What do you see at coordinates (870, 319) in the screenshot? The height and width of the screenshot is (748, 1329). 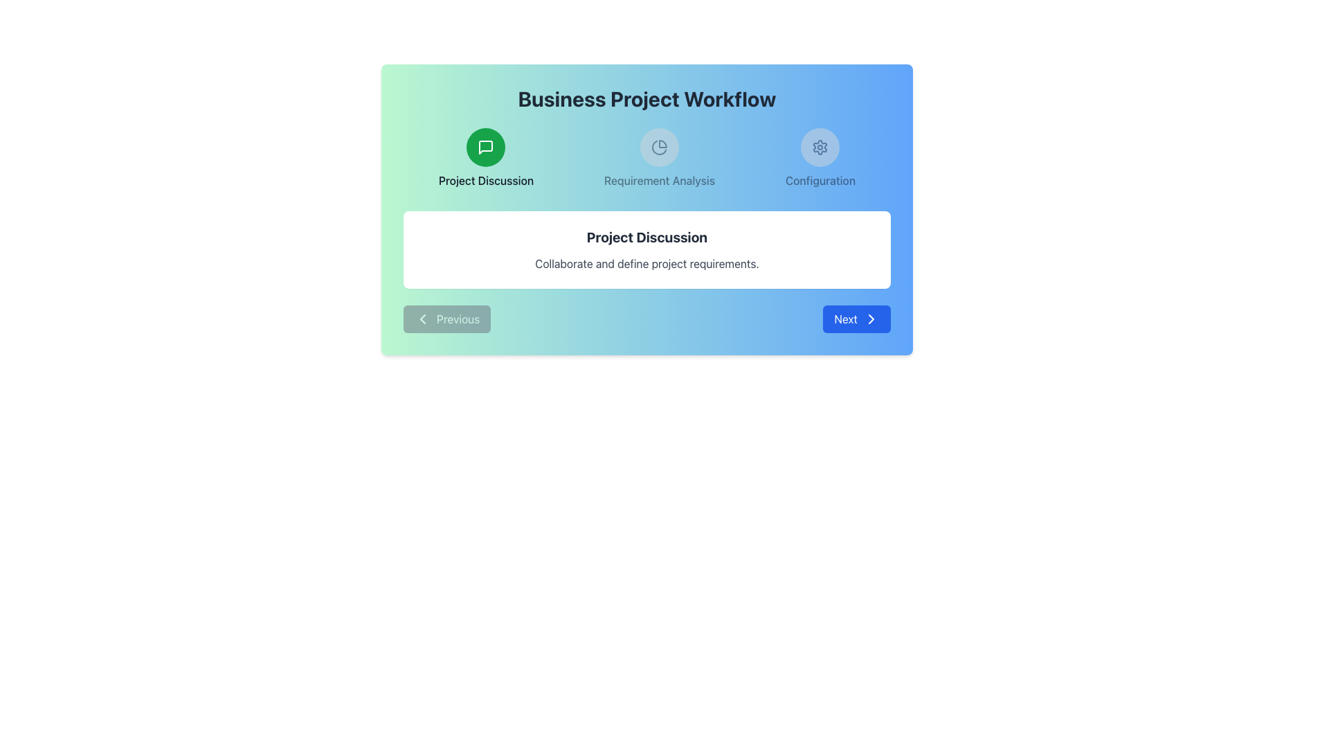 I see `the right-facing chevron icon` at bounding box center [870, 319].